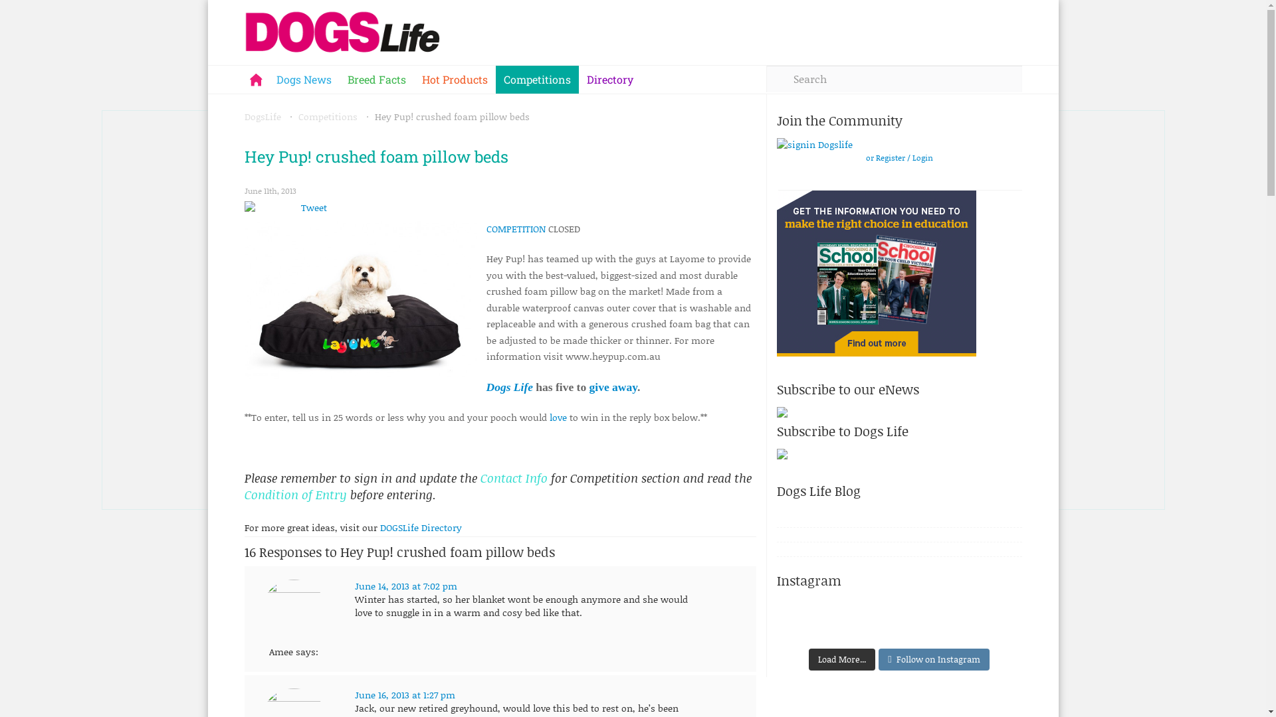 The width and height of the screenshot is (1276, 717). What do you see at coordinates (841, 660) in the screenshot?
I see `'Load More...'` at bounding box center [841, 660].